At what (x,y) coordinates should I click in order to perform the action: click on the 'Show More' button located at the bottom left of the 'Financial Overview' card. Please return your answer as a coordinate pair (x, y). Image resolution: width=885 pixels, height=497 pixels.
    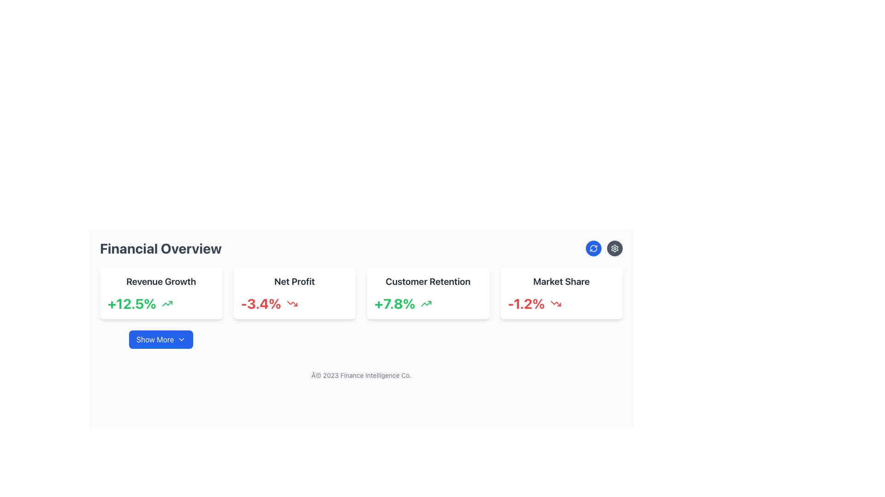
    Looking at the image, I should click on (182, 339).